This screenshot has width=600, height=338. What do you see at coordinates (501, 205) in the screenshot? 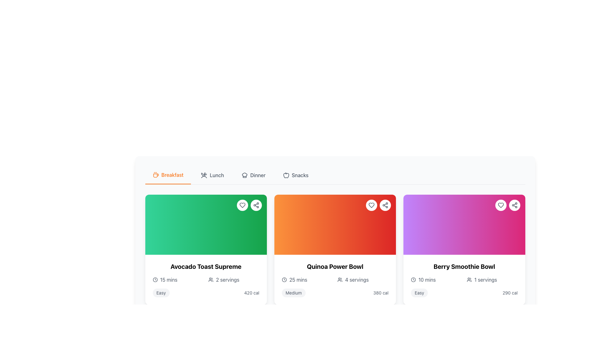
I see `the 'like' button located at the top-right area of the 'Berry Smoothie Bowl' card for accessibility navigation` at bounding box center [501, 205].